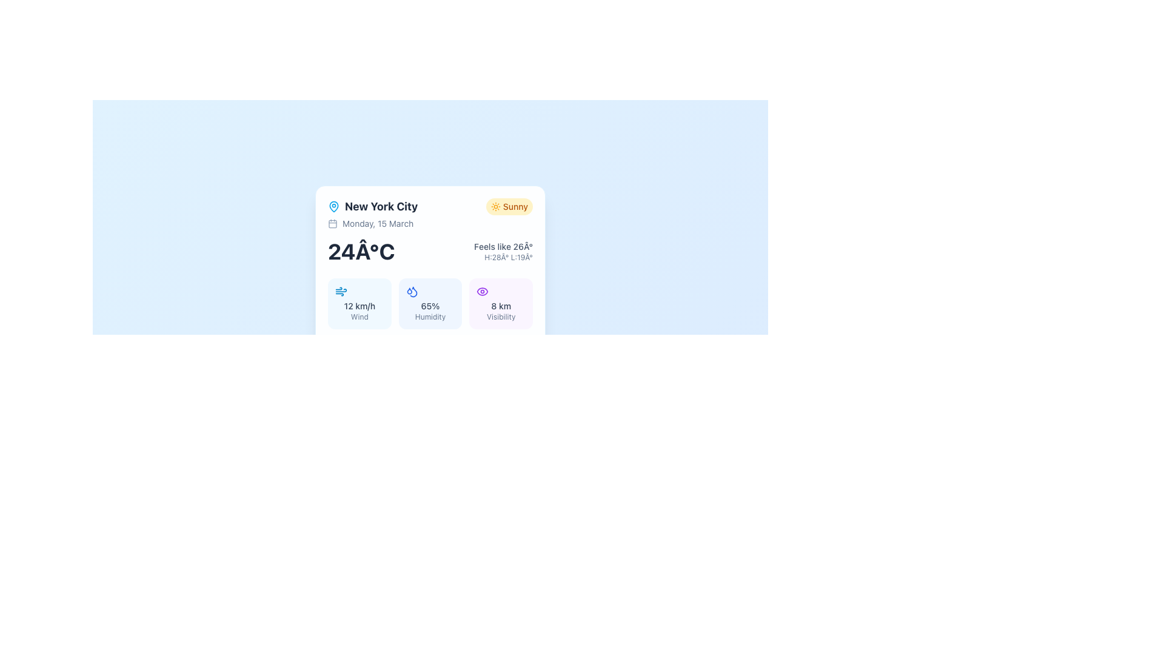  Describe the element at coordinates (359, 306) in the screenshot. I see `the wind speed text label indicating the wind speed in kilometers per hour, which is part of the weather data display` at that location.